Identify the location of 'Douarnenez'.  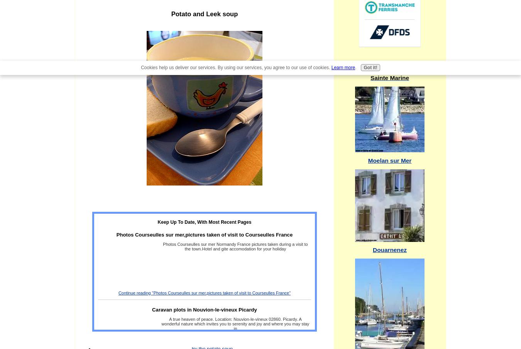
(389, 249).